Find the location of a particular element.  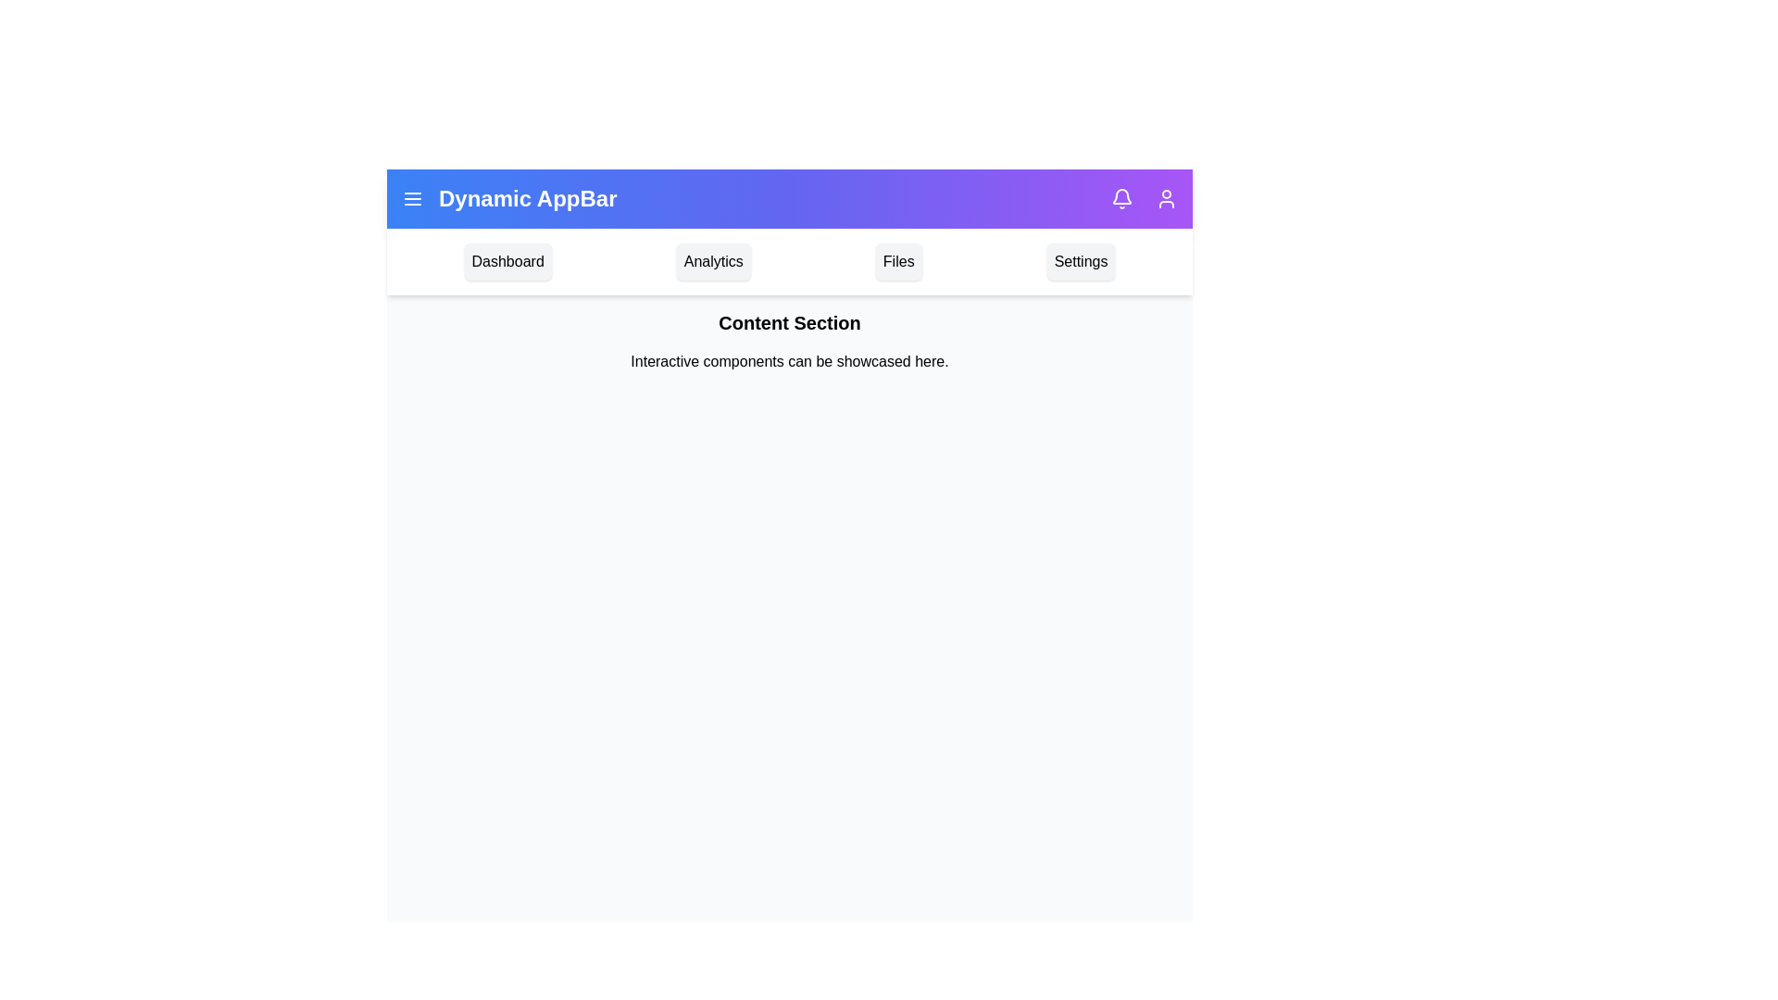

the navigation menu item labeled Settings is located at coordinates (1081, 261).